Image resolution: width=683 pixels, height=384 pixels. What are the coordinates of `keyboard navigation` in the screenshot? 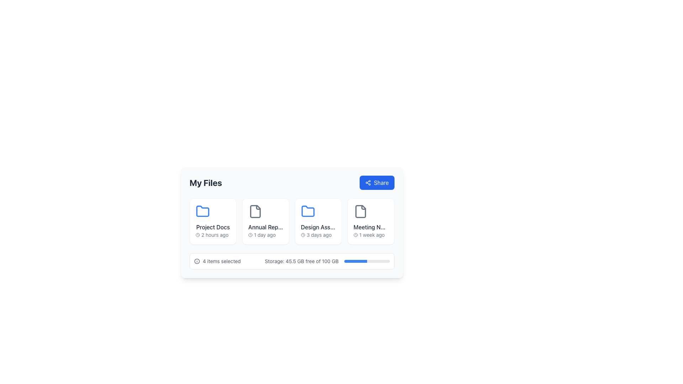 It's located at (377, 182).